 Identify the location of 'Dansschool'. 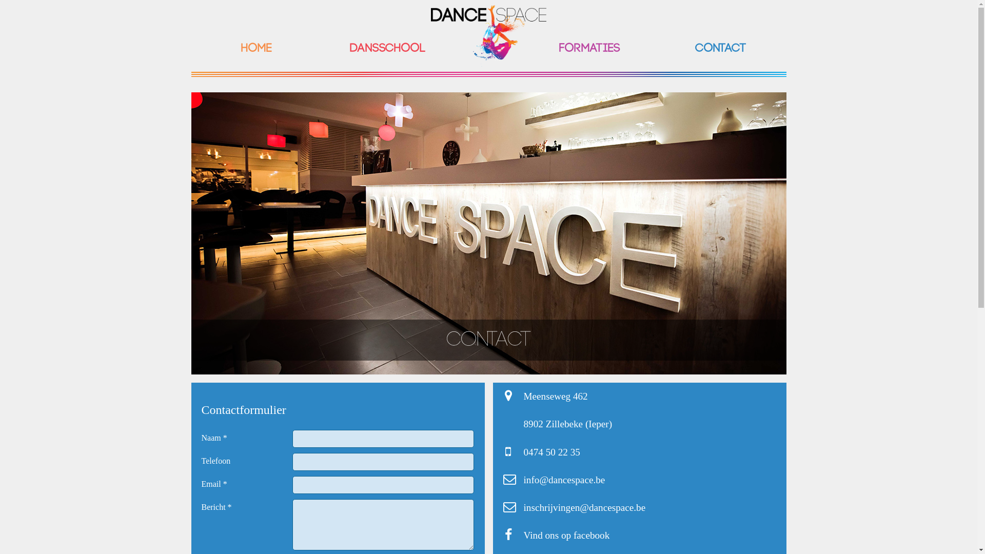
(387, 49).